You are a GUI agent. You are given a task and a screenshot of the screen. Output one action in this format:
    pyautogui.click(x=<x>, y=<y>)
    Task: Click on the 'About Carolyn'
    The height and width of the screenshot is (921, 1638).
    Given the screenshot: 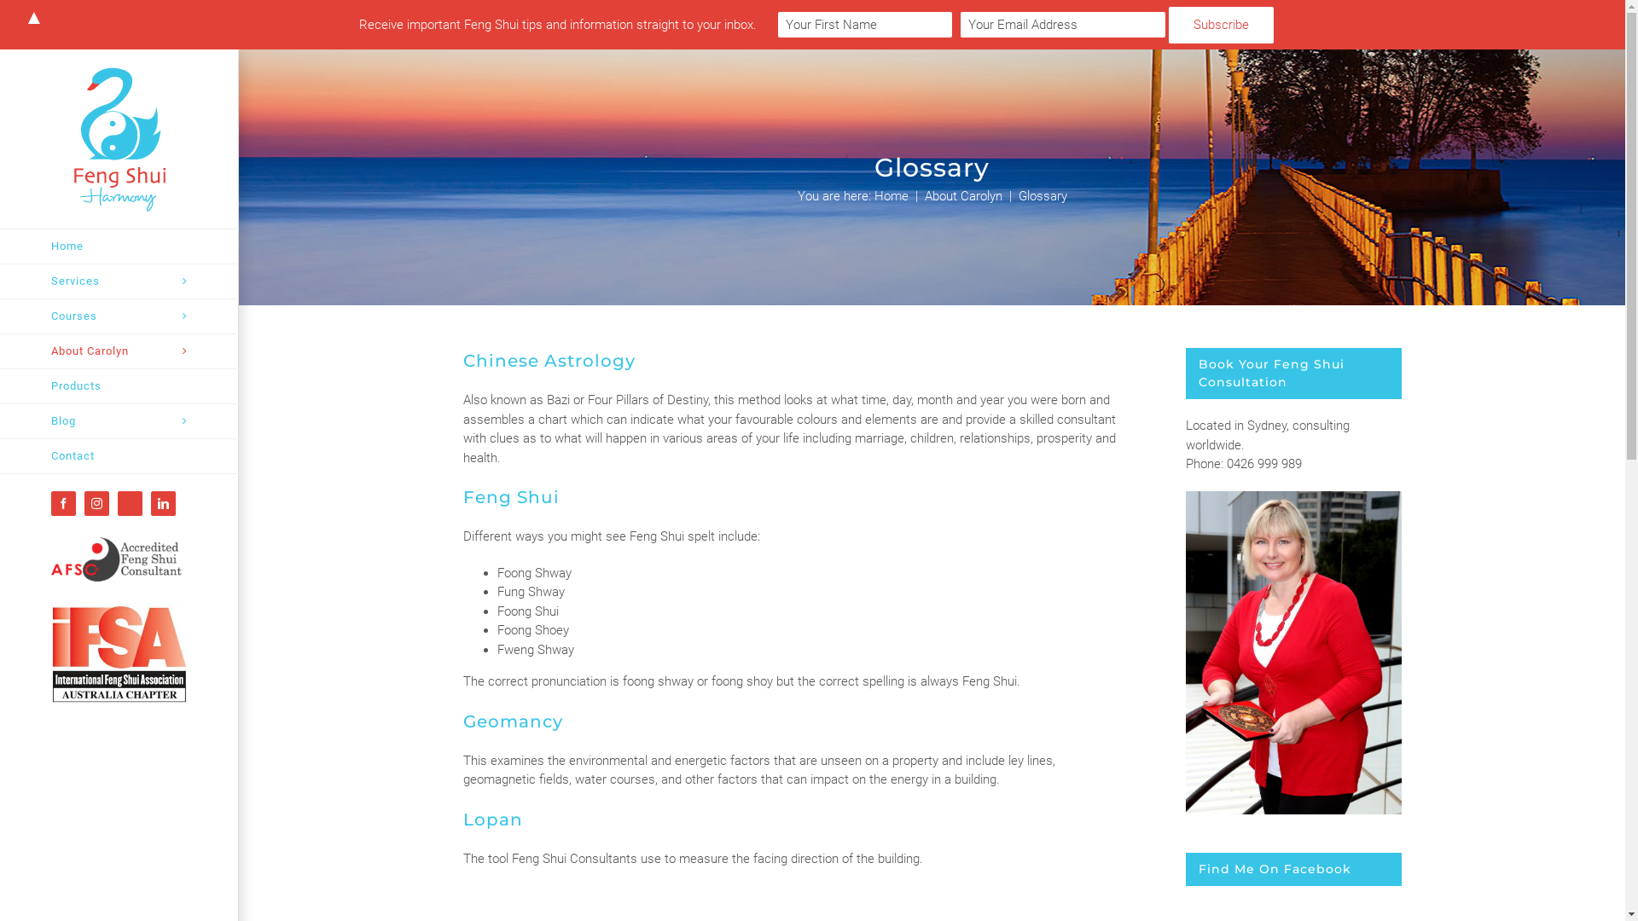 What is the action you would take?
    pyautogui.click(x=963, y=195)
    